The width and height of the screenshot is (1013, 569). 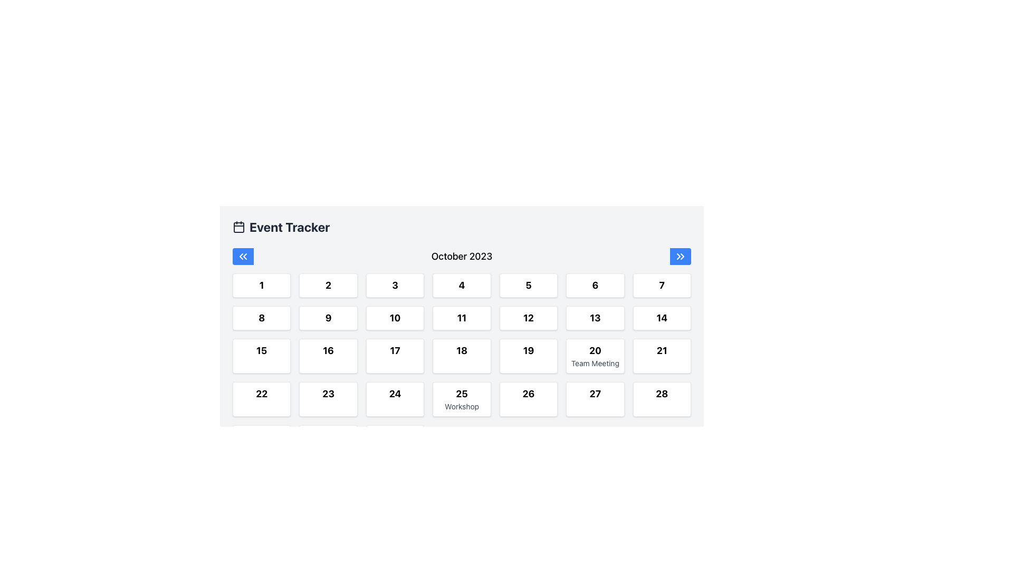 I want to click on the bold, large-sized numeral '23' displayed in black, which is centrally aligned in a white, rounded rectangle within the 'Event Tracker' interface, so click(x=328, y=394).